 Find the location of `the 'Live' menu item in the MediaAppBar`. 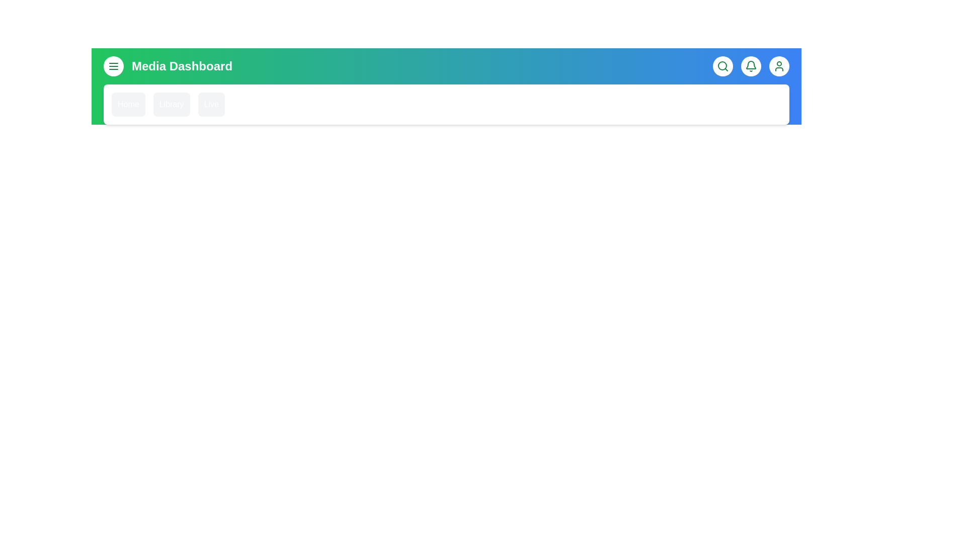

the 'Live' menu item in the MediaAppBar is located at coordinates (211, 105).